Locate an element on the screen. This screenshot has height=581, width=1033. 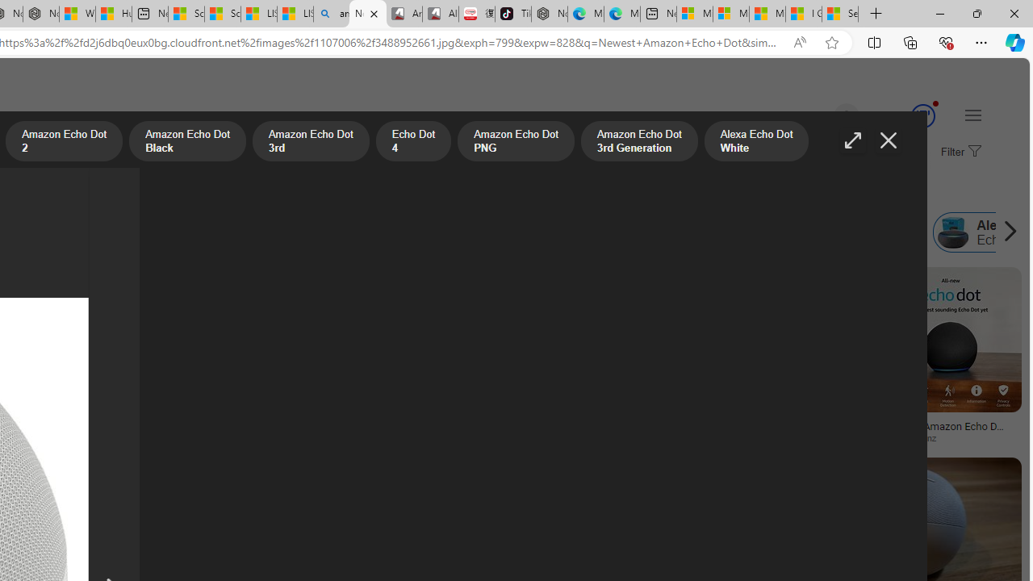
'TikTok' is located at coordinates (512, 14).